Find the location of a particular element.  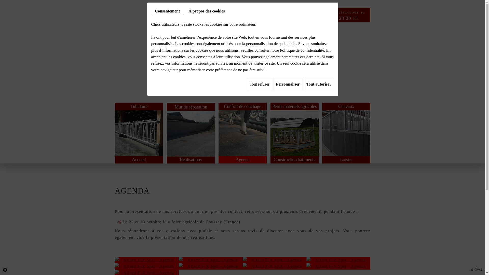

'Allard F-X Sprl -  Agenda Tournai Expo' is located at coordinates (242, 266).